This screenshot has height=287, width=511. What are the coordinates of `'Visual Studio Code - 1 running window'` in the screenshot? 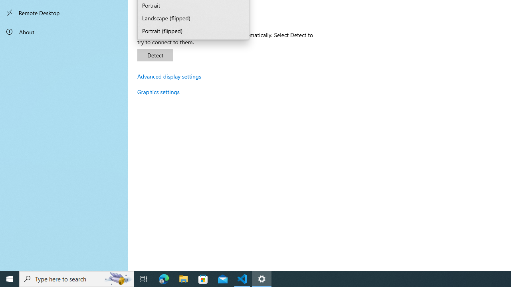 It's located at (242, 278).